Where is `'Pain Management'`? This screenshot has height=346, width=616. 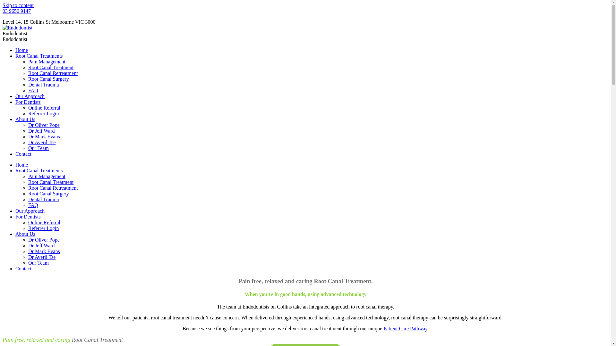 'Pain Management' is located at coordinates (46, 176).